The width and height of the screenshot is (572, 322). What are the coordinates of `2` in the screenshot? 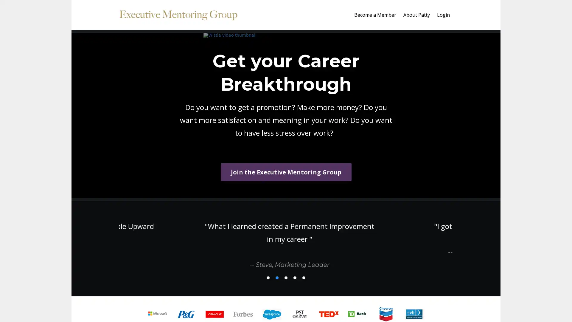 It's located at (277, 264).